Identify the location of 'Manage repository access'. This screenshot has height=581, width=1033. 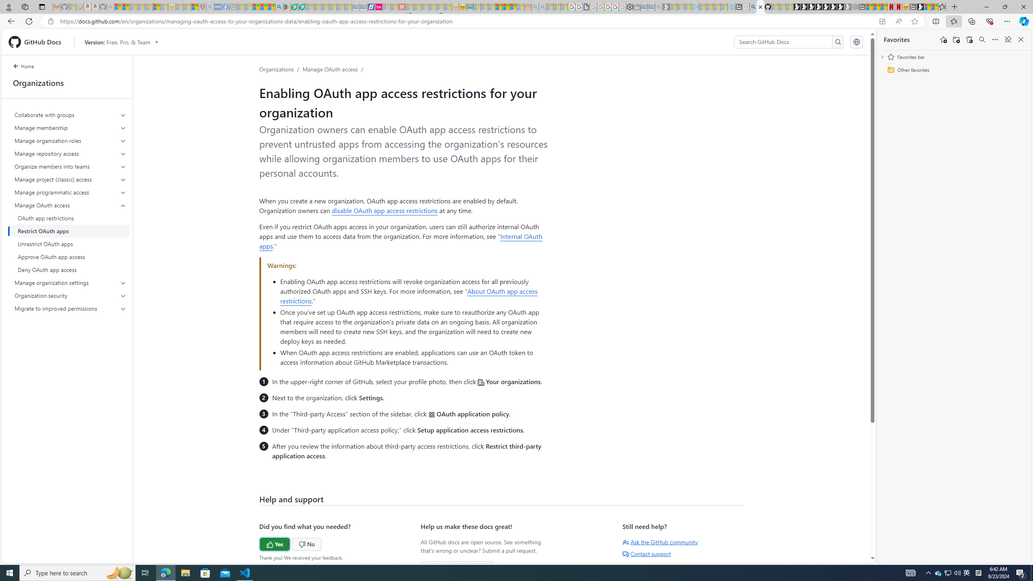
(71, 153).